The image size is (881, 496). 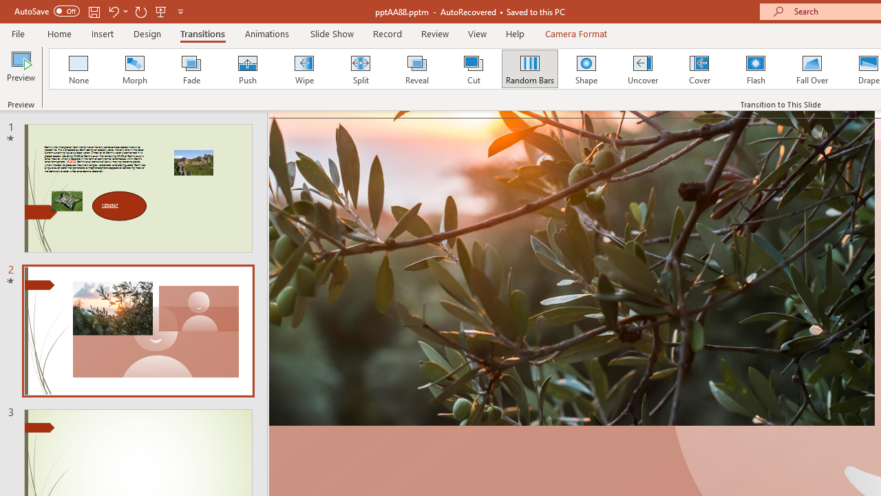 What do you see at coordinates (247, 69) in the screenshot?
I see `'Push'` at bounding box center [247, 69].